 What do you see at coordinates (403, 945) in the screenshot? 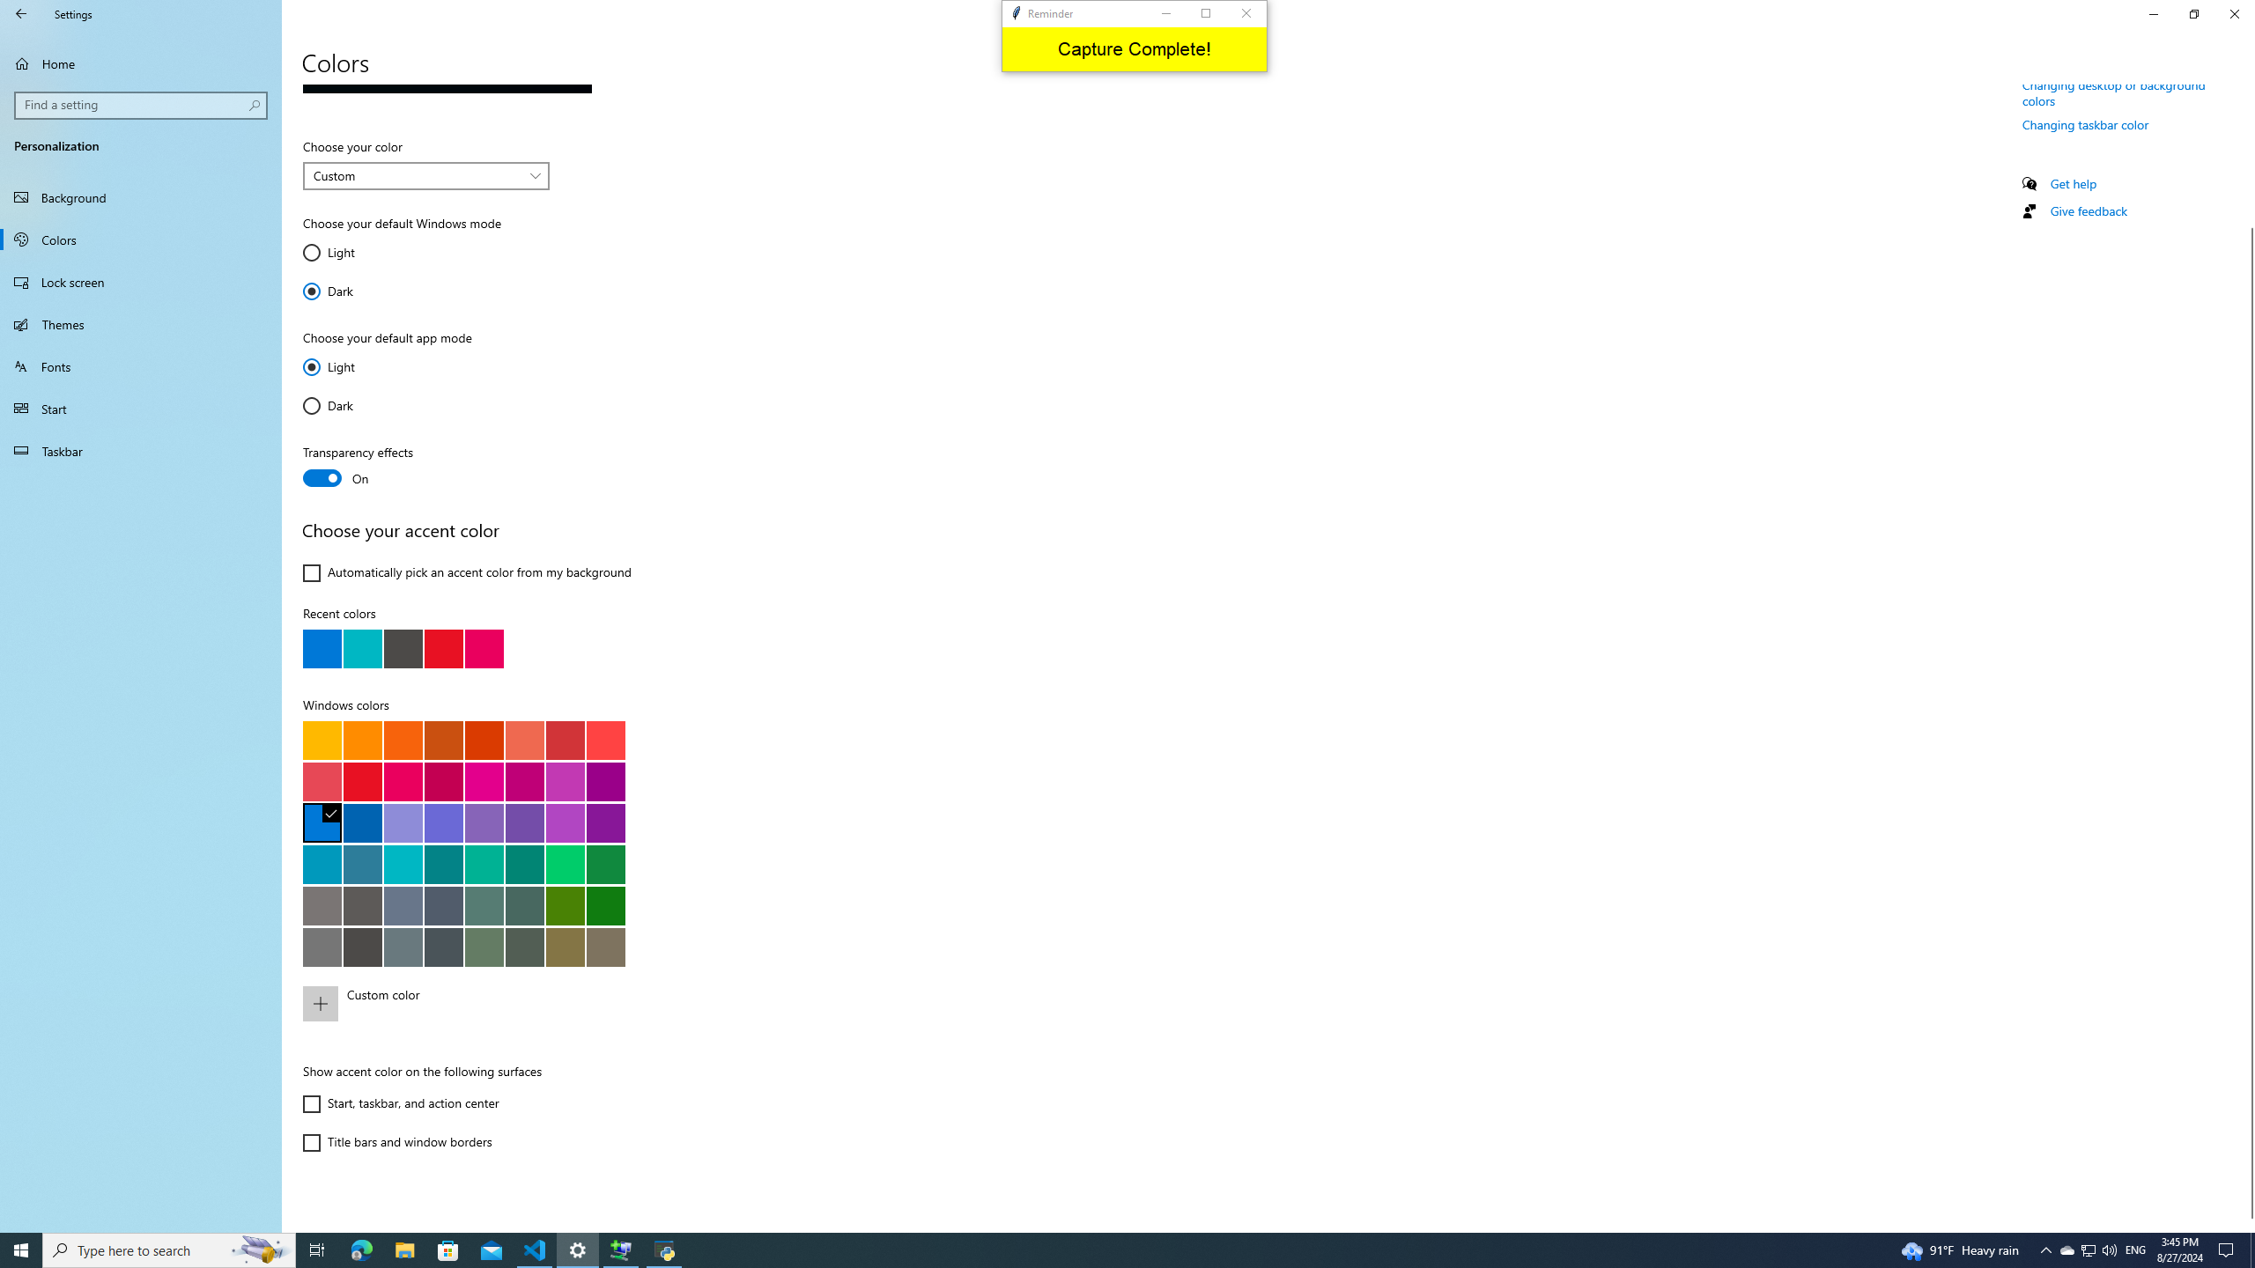
I see `'Blue gray'` at bounding box center [403, 945].